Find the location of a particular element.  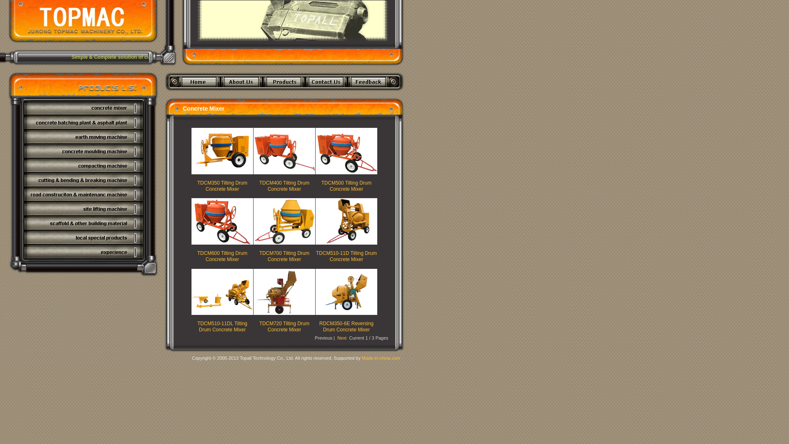

'ralph lauren outlet' is located at coordinates (160, 95).